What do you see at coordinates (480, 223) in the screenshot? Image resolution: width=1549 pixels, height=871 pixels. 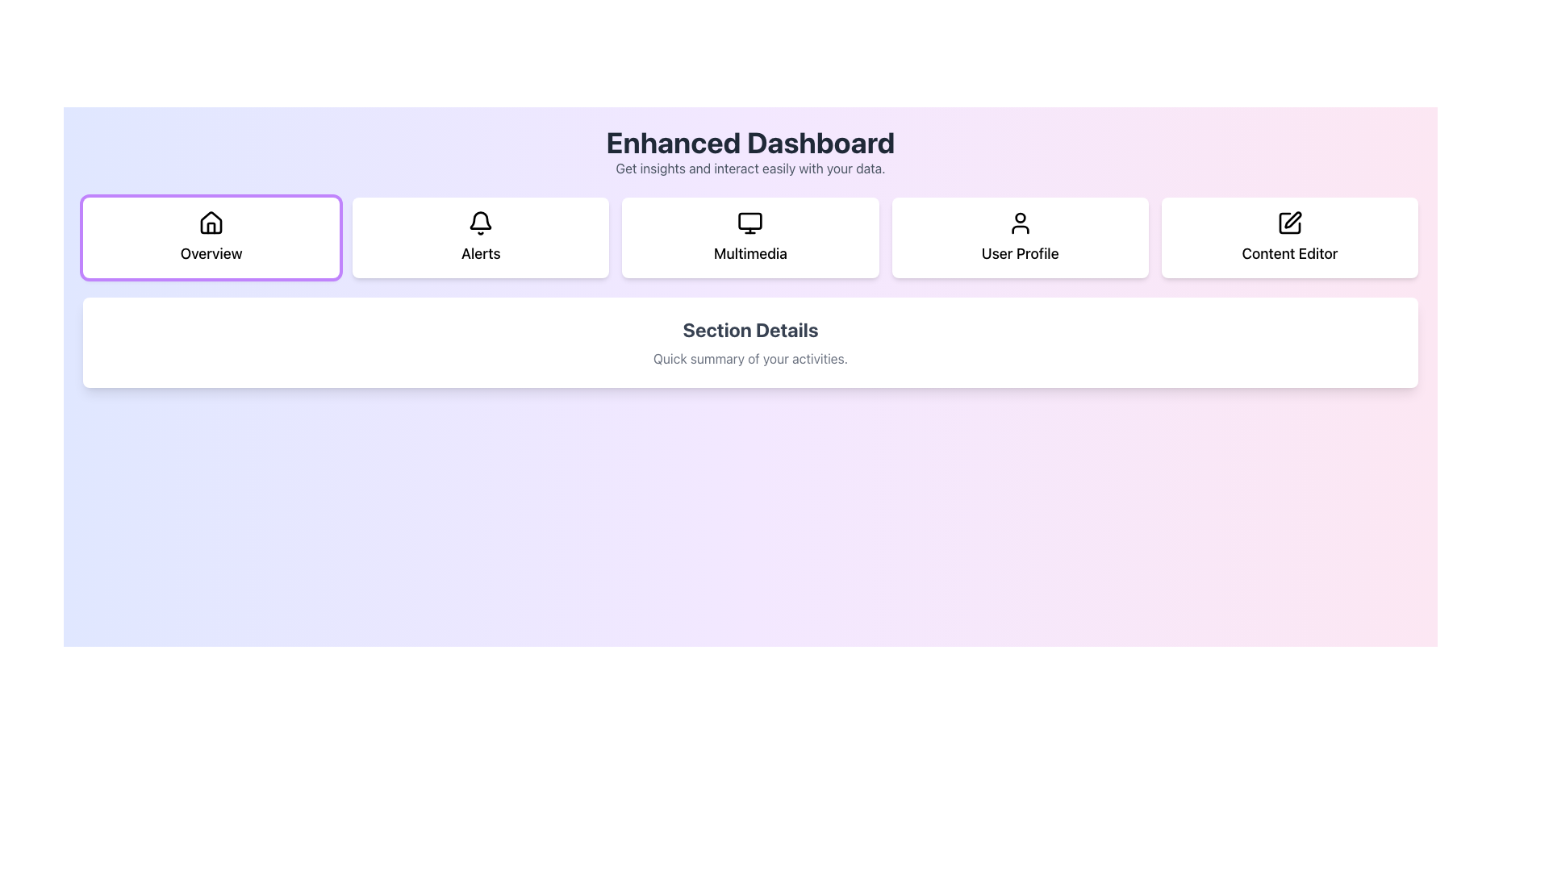 I see `the notification icon located in the 'Alerts' section, which is the second option in the row of features, positioned between 'Overview' and 'Multimedia'` at bounding box center [480, 223].